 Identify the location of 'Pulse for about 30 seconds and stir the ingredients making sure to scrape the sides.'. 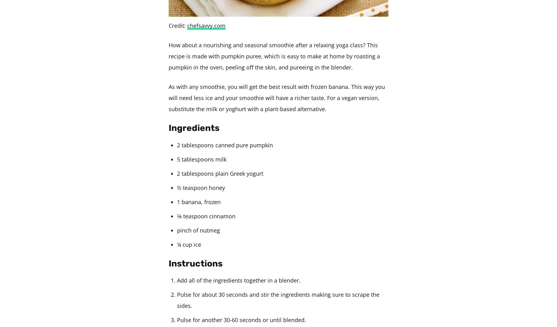
(278, 300).